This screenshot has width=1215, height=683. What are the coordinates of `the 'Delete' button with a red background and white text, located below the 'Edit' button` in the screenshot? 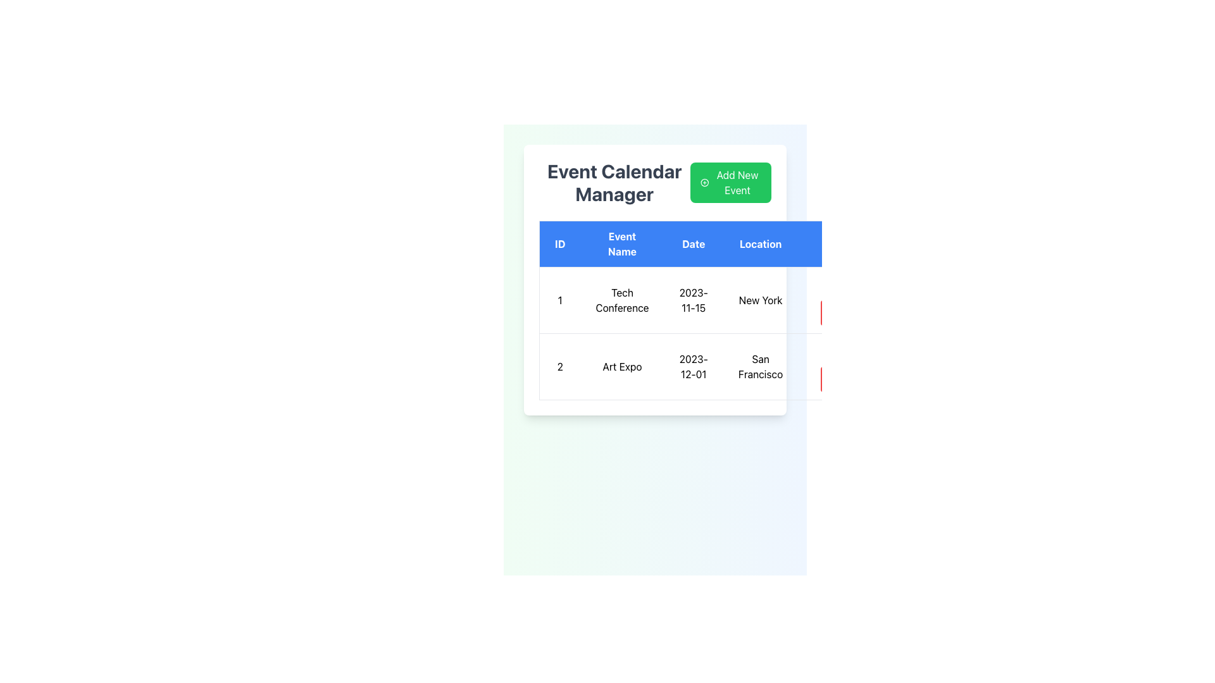 It's located at (845, 312).